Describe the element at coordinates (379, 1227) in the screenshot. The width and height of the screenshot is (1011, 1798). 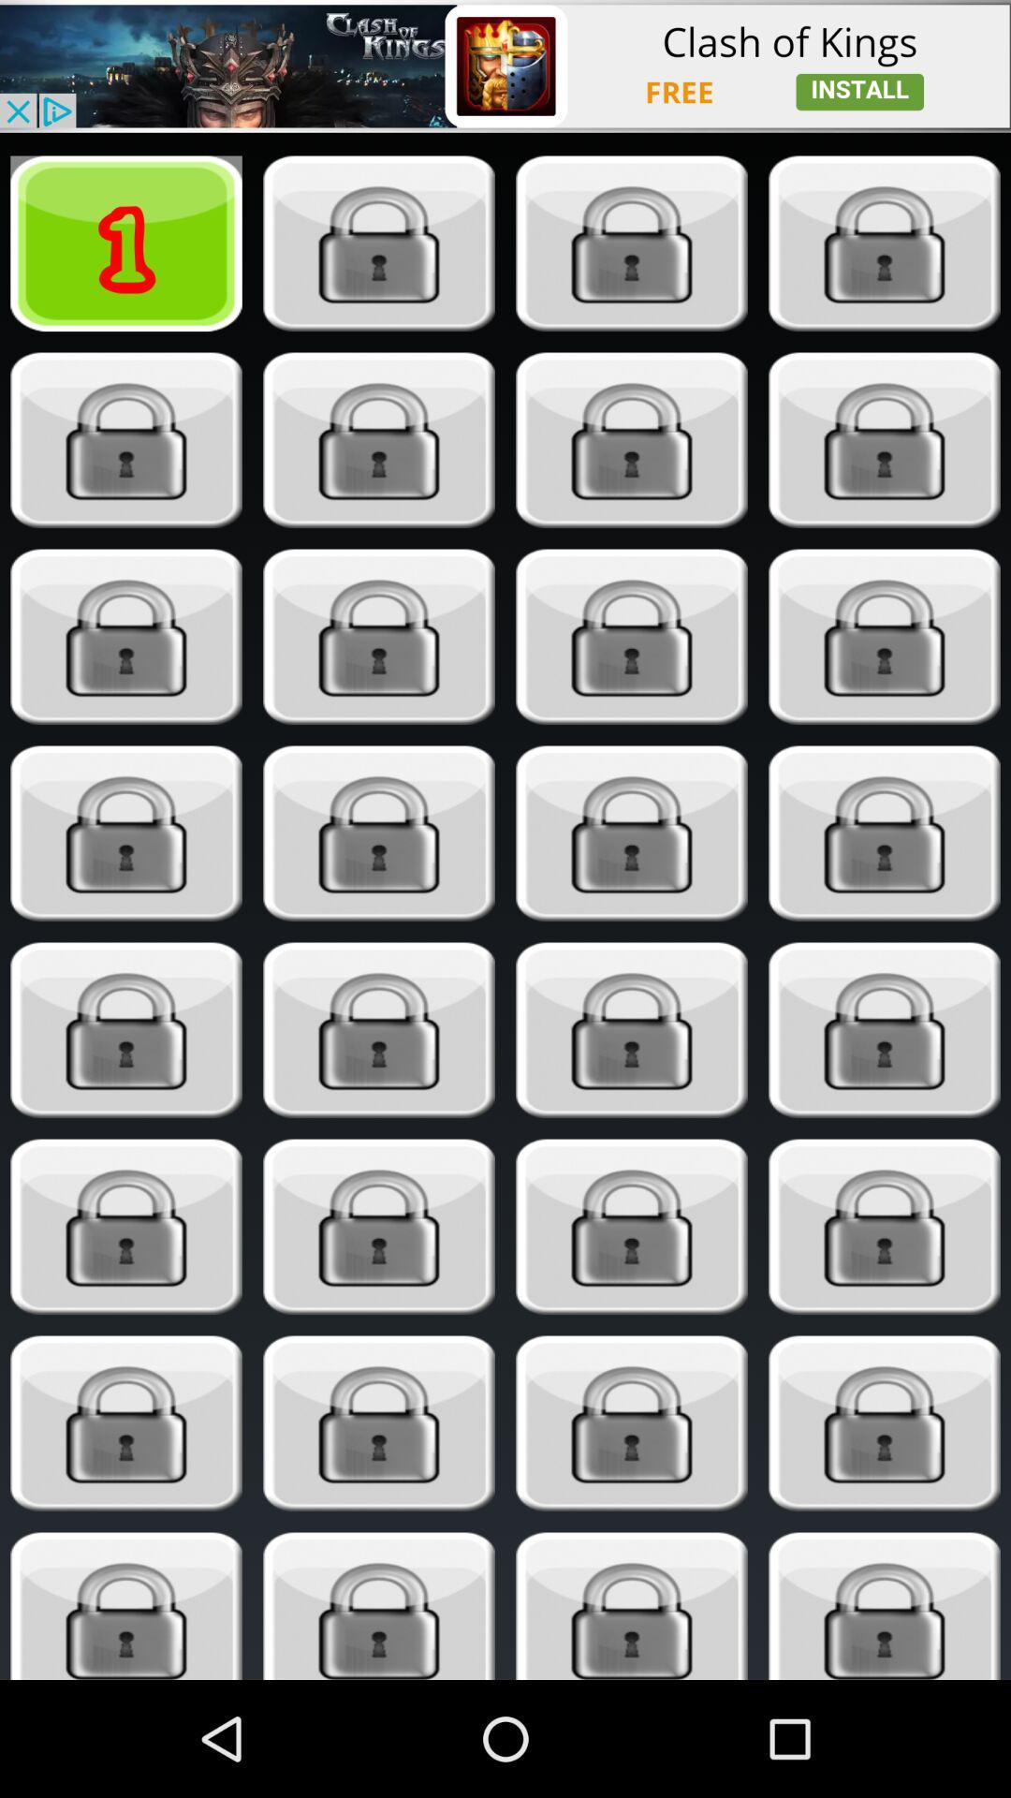
I see `its locked` at that location.